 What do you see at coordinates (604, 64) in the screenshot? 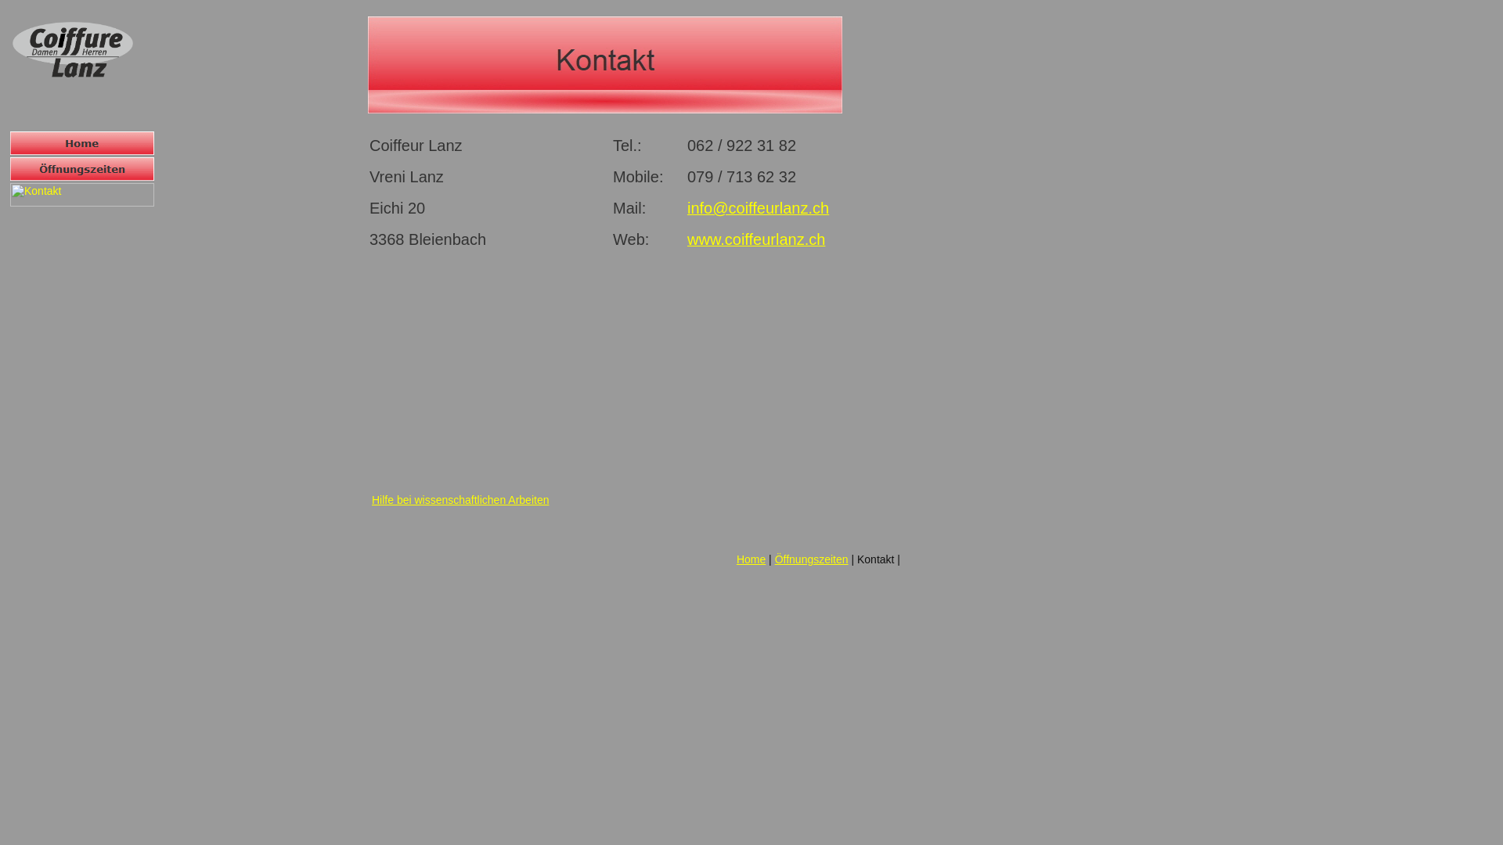
I see `'Kontakt'` at bounding box center [604, 64].